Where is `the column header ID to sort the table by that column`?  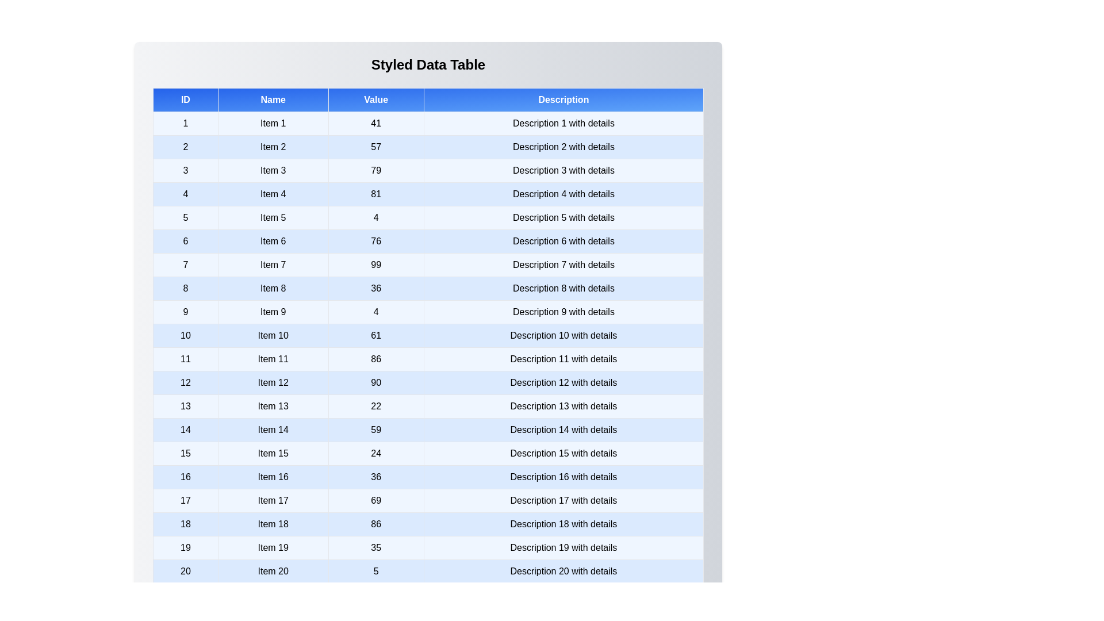 the column header ID to sort the table by that column is located at coordinates (185, 99).